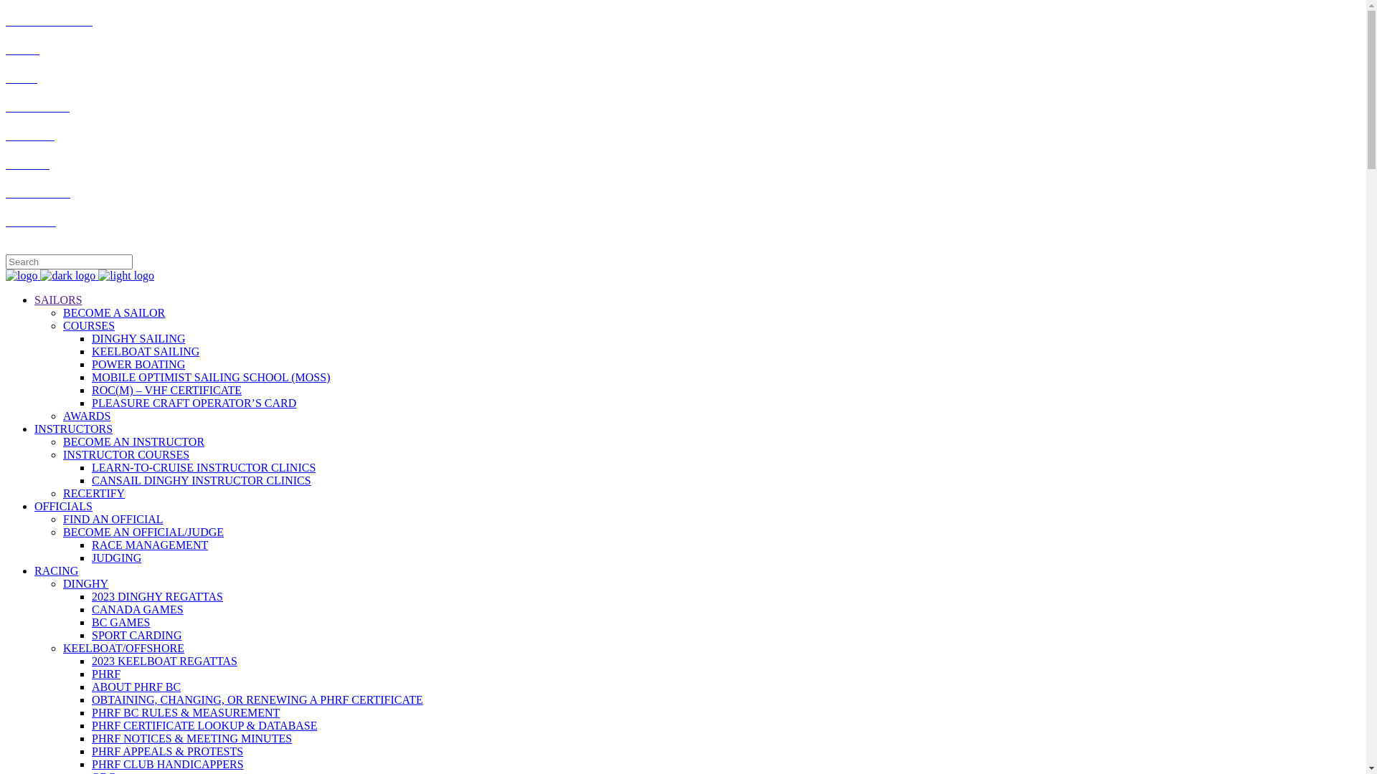 Image resolution: width=1377 pixels, height=774 pixels. I want to click on 'OFFICIALS', so click(62, 505).